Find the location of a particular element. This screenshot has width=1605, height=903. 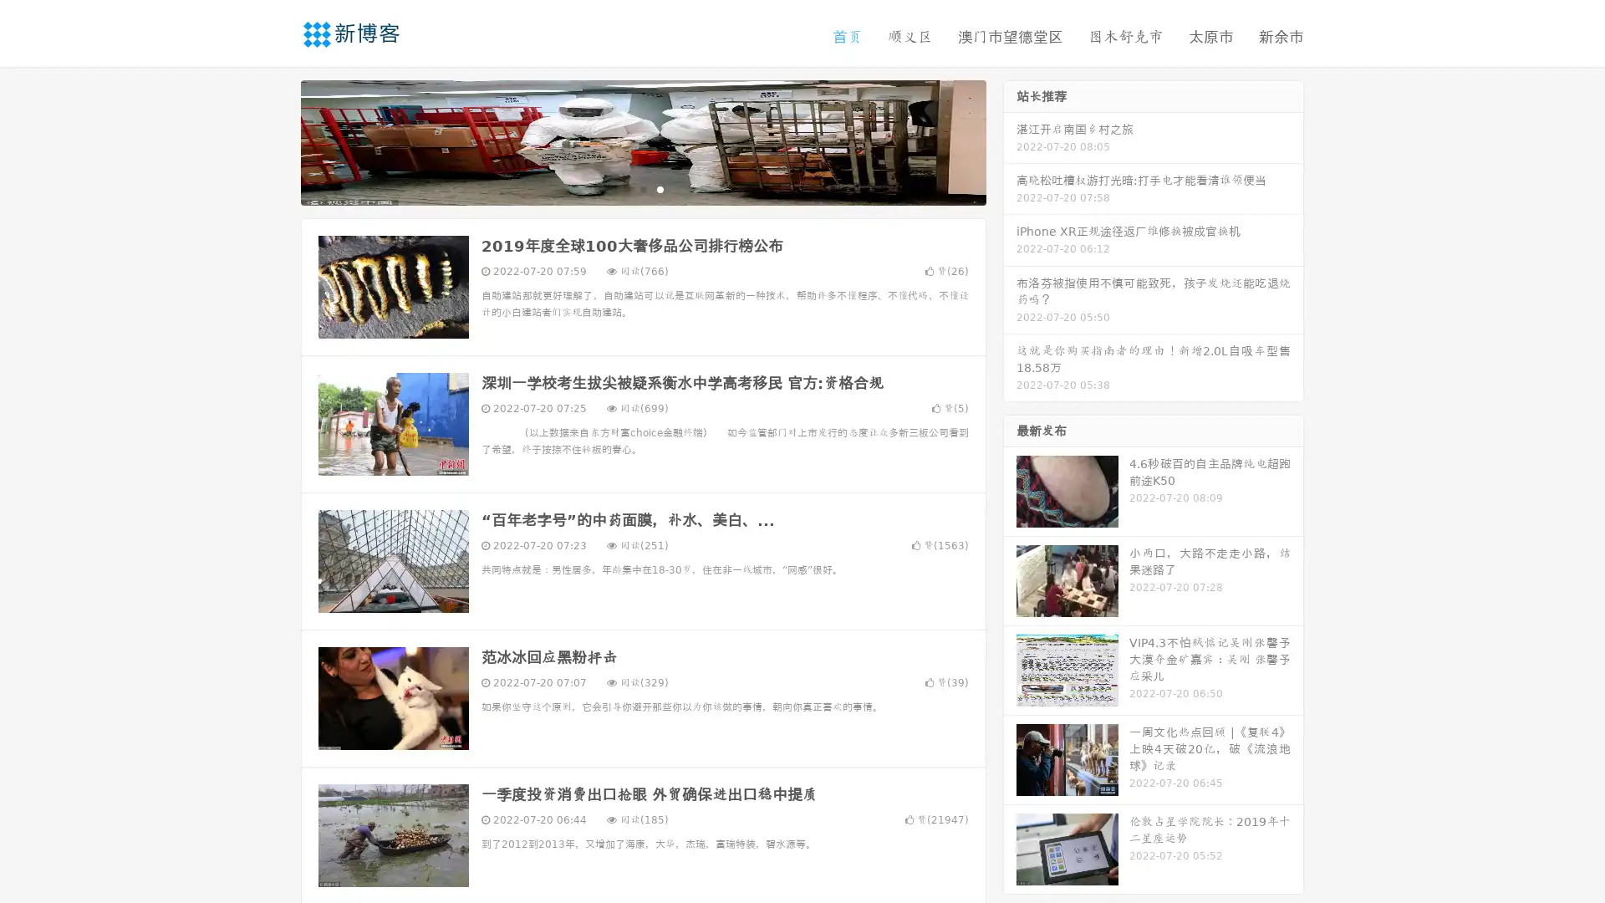

Previous slide is located at coordinates (276, 140).